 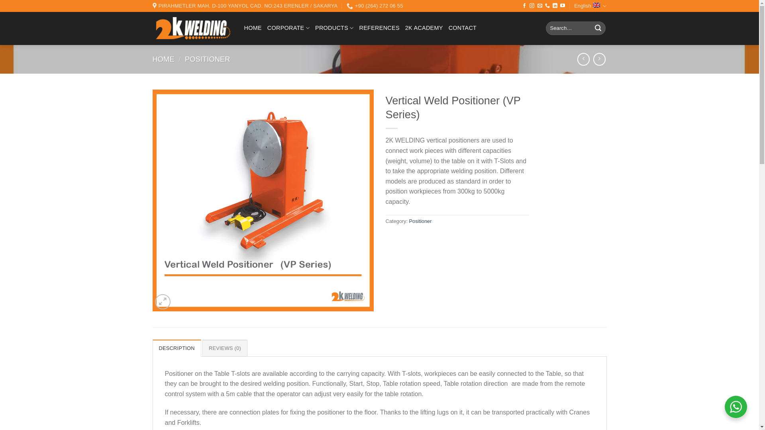 What do you see at coordinates (162, 302) in the screenshot?
I see `'Zoom'` at bounding box center [162, 302].